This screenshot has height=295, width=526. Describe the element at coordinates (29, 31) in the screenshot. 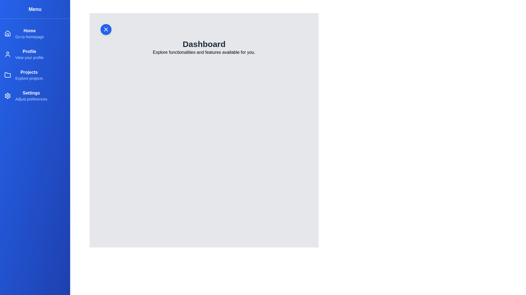

I see `the menu item Home to navigate` at that location.